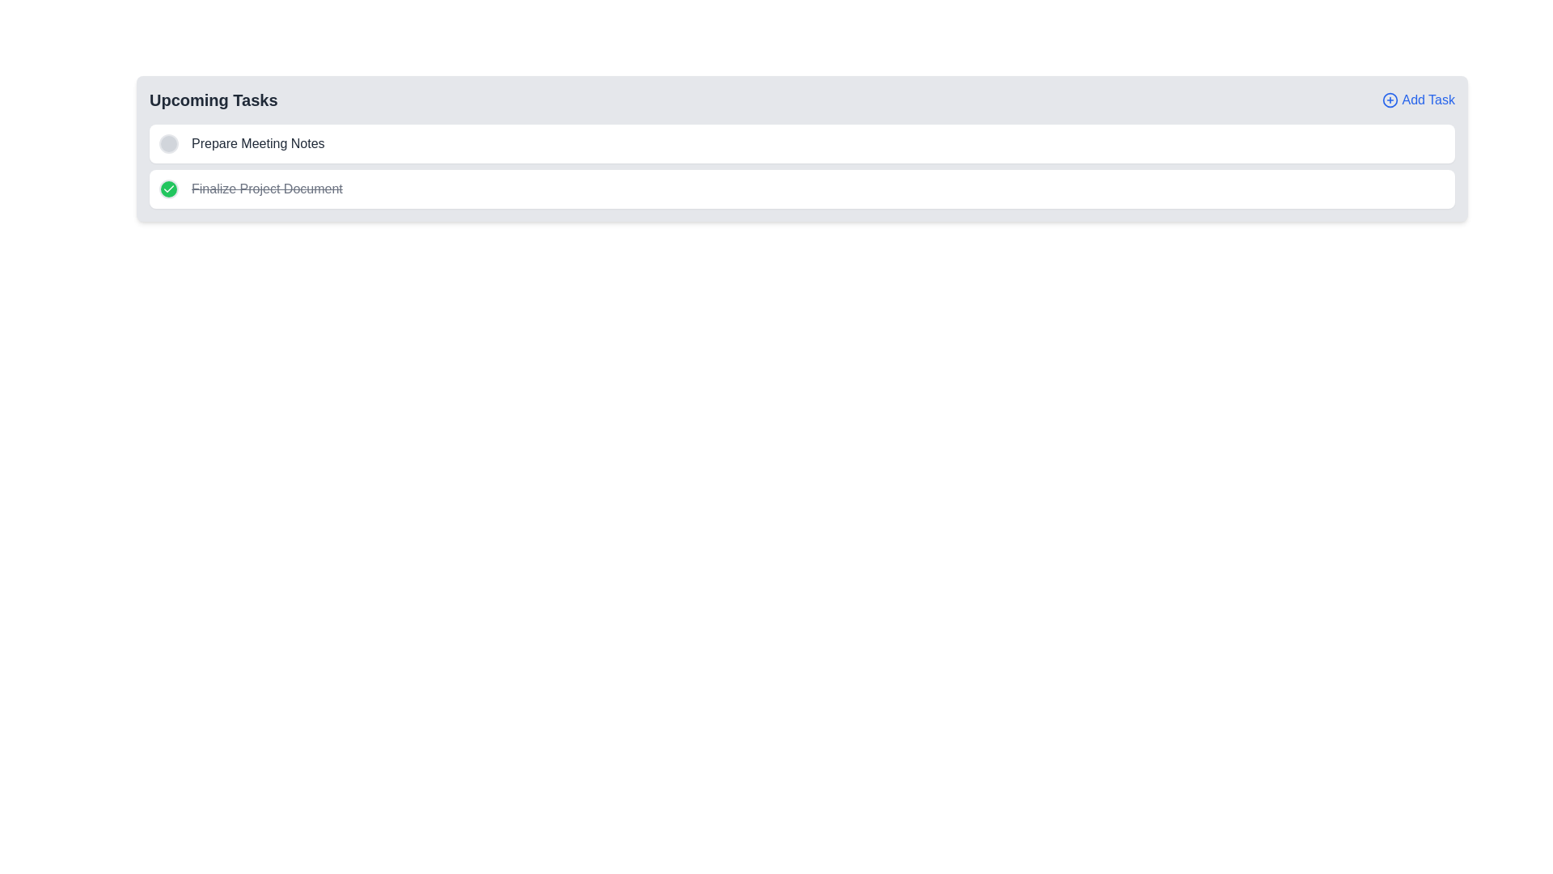 The height and width of the screenshot is (874, 1553). What do you see at coordinates (1417, 100) in the screenshot?
I see `'Add Task' button to initiate adding a new task` at bounding box center [1417, 100].